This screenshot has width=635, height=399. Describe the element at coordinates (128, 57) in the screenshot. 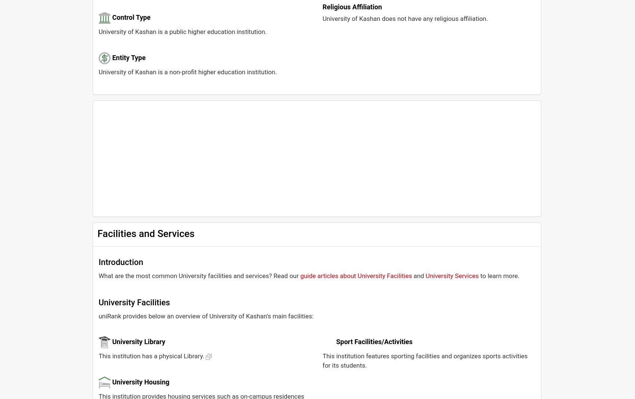

I see `'Entity Type'` at that location.